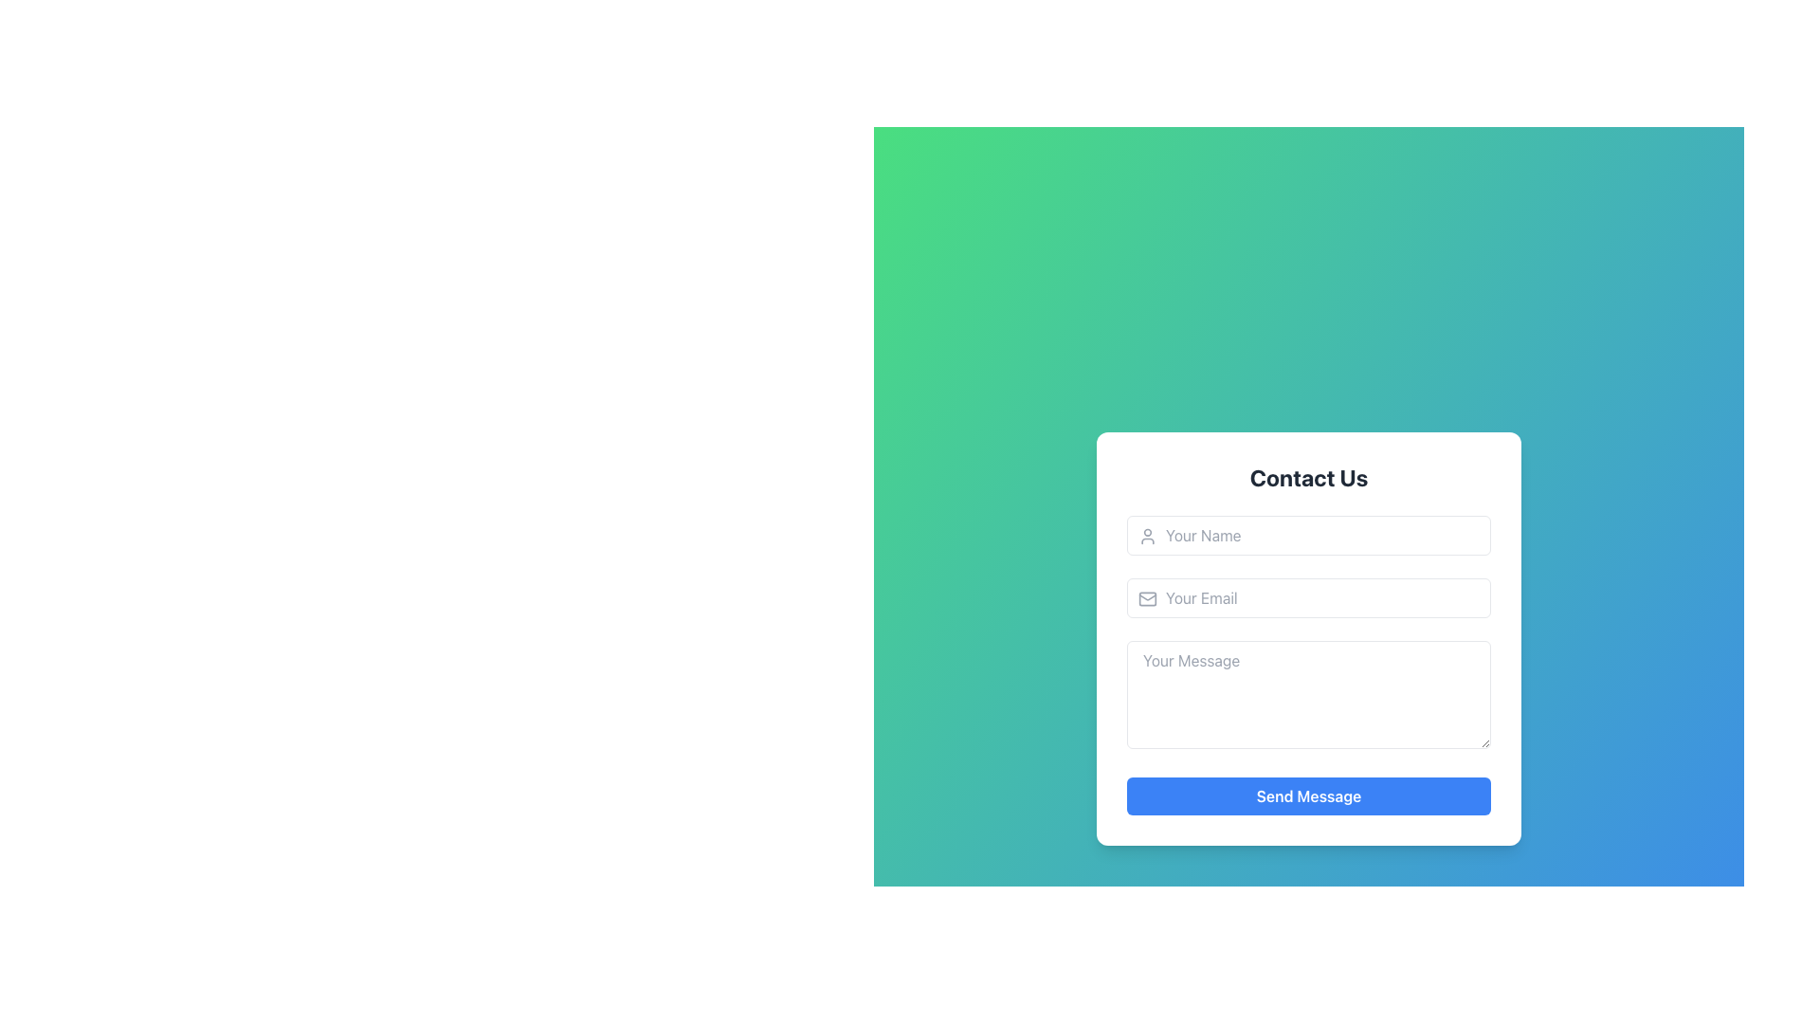 The image size is (1820, 1024). Describe the element at coordinates (1146, 537) in the screenshot. I see `the icon indicating the personal name input field, which is positioned inside the input box labeled 'Your Name' on its left side` at that location.